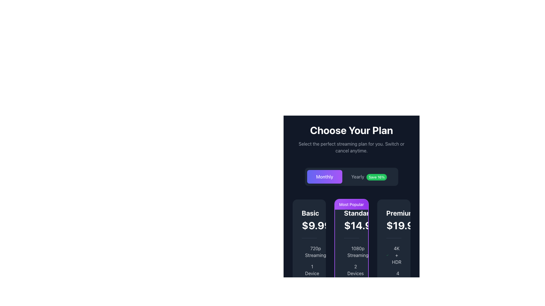 The height and width of the screenshot is (306, 545). What do you see at coordinates (393, 255) in the screenshot?
I see `the '4K + HDR' text and checkmark icon combination in the Premium pricing column, positioned at the topmost feature list item` at bounding box center [393, 255].